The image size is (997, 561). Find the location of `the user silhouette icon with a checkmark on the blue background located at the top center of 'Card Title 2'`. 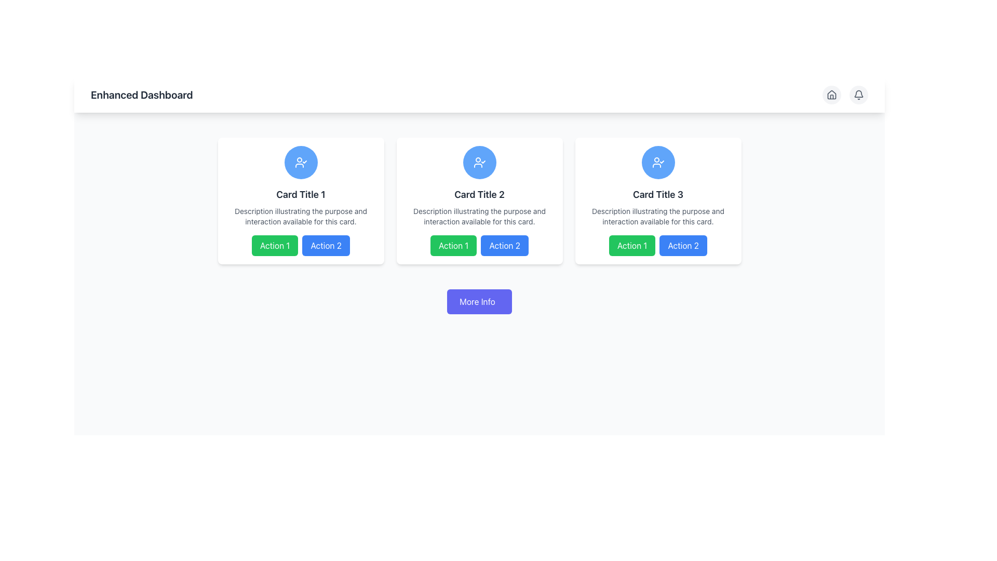

the user silhouette icon with a checkmark on the blue background located at the top center of 'Card Title 2' is located at coordinates (657, 162).